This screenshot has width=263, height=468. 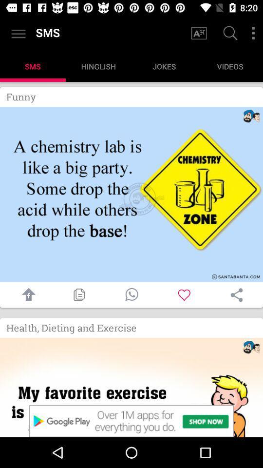 I want to click on like button, so click(x=184, y=294).